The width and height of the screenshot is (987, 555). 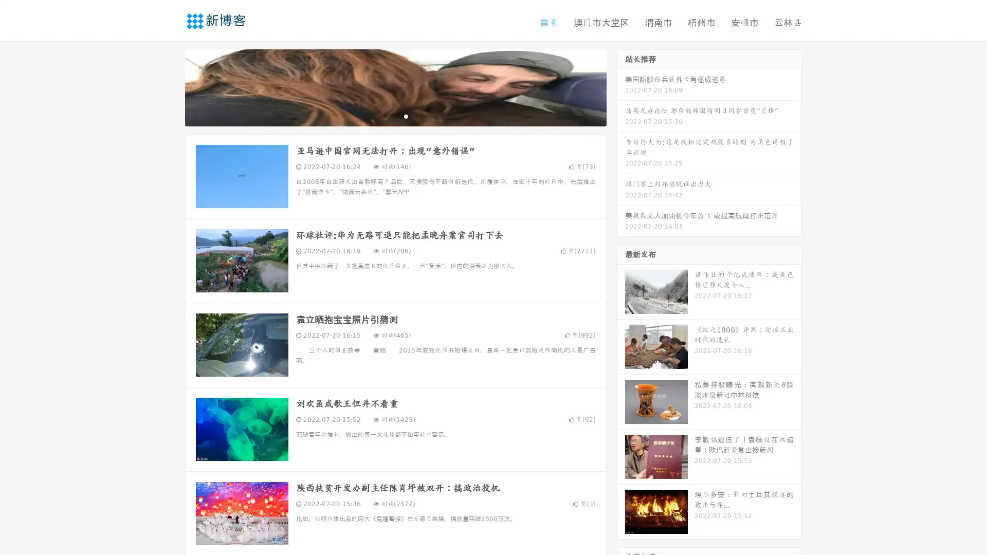 I want to click on Go to slide 1, so click(x=385, y=116).